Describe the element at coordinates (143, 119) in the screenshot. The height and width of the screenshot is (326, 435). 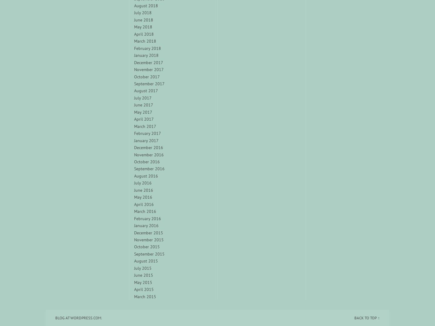
I see `'April 2017'` at that location.